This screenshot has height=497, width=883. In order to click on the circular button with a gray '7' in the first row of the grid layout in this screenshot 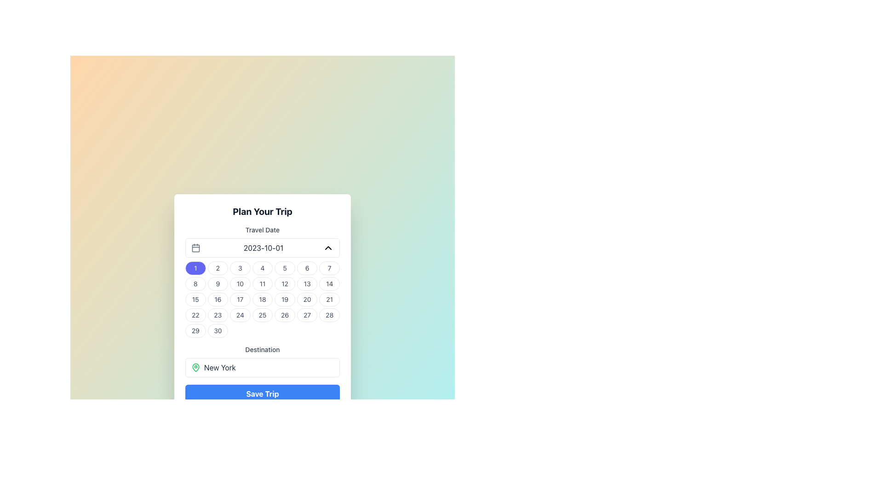, I will do `click(329, 268)`.